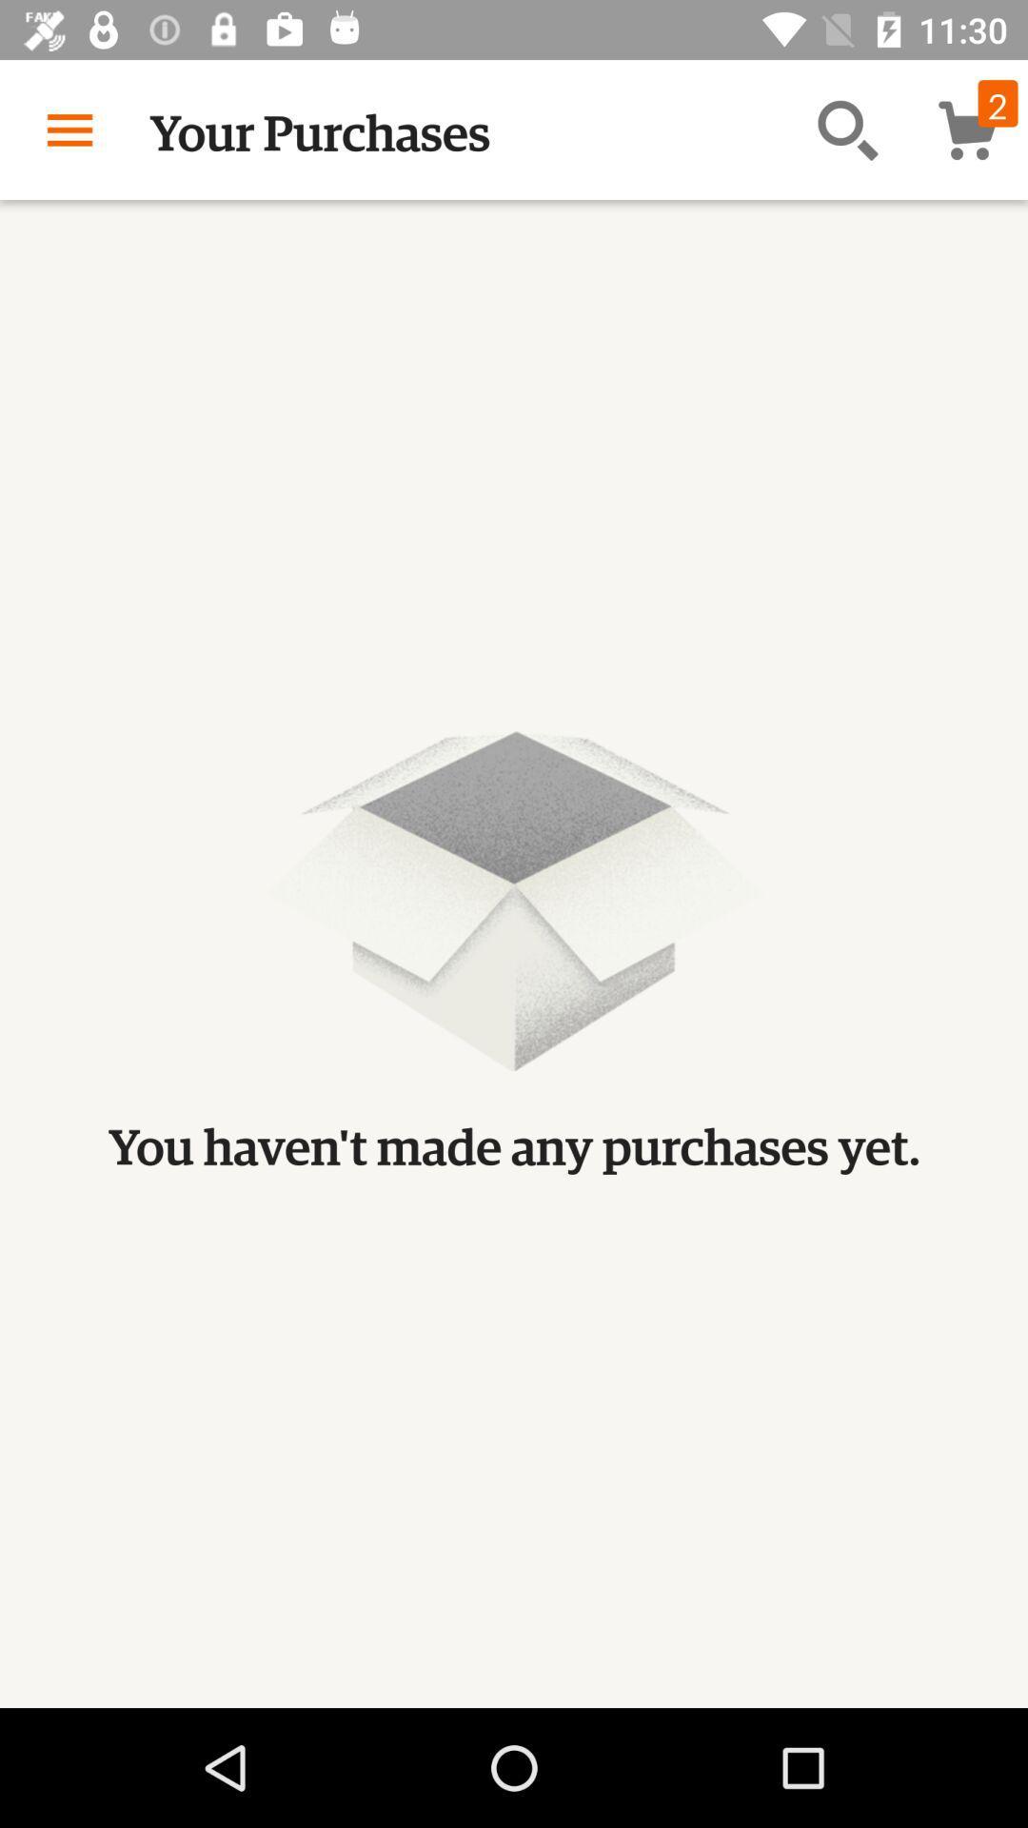 The width and height of the screenshot is (1028, 1828). Describe the element at coordinates (69, 129) in the screenshot. I see `icon to the left of the your purchases icon` at that location.